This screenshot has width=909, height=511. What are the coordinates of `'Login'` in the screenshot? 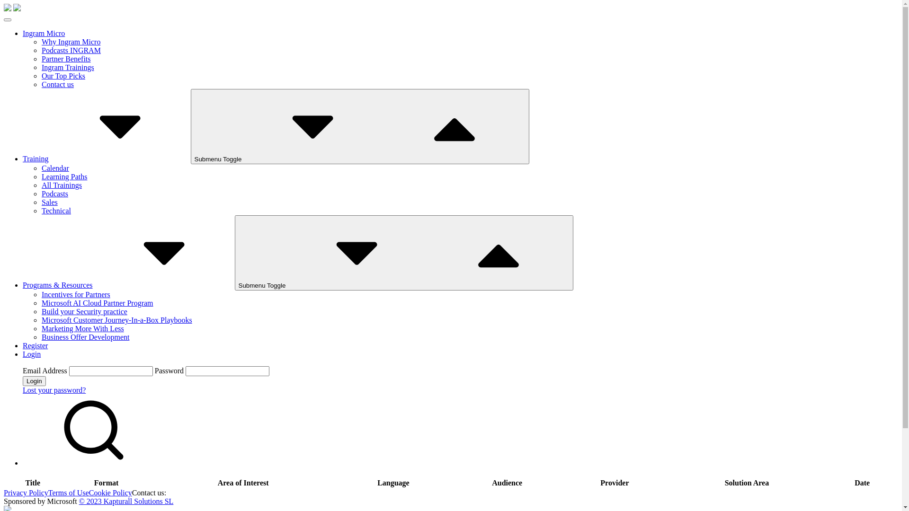 It's located at (34, 380).